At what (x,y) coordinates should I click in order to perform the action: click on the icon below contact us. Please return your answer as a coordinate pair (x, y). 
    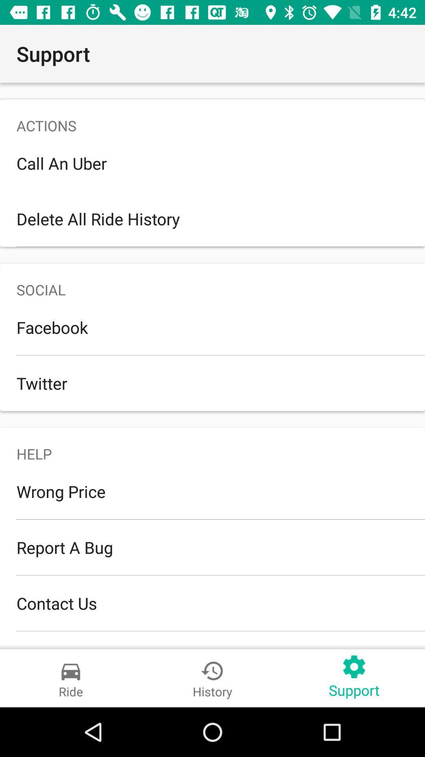
    Looking at the image, I should click on (213, 638).